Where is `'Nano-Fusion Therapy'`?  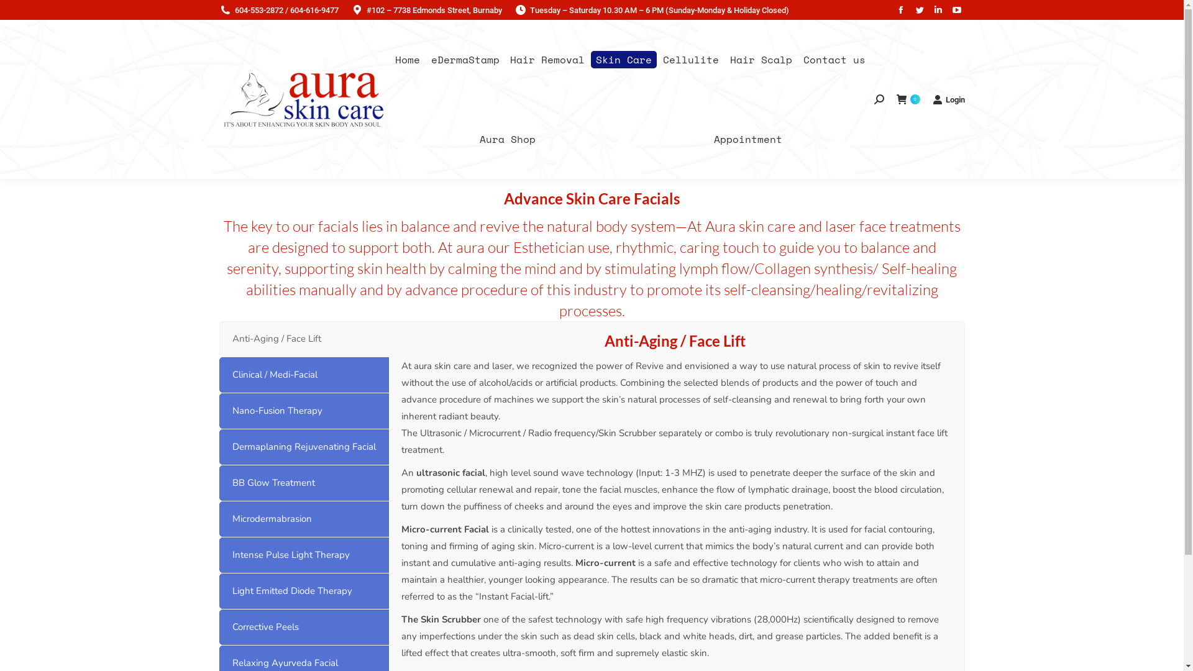
'Nano-Fusion Therapy' is located at coordinates (303, 411).